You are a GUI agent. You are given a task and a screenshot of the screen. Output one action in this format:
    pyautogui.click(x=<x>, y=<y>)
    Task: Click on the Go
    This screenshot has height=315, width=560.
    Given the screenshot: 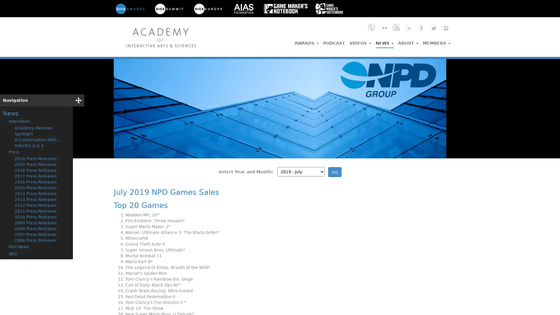 What is the action you would take?
    pyautogui.click(x=335, y=172)
    